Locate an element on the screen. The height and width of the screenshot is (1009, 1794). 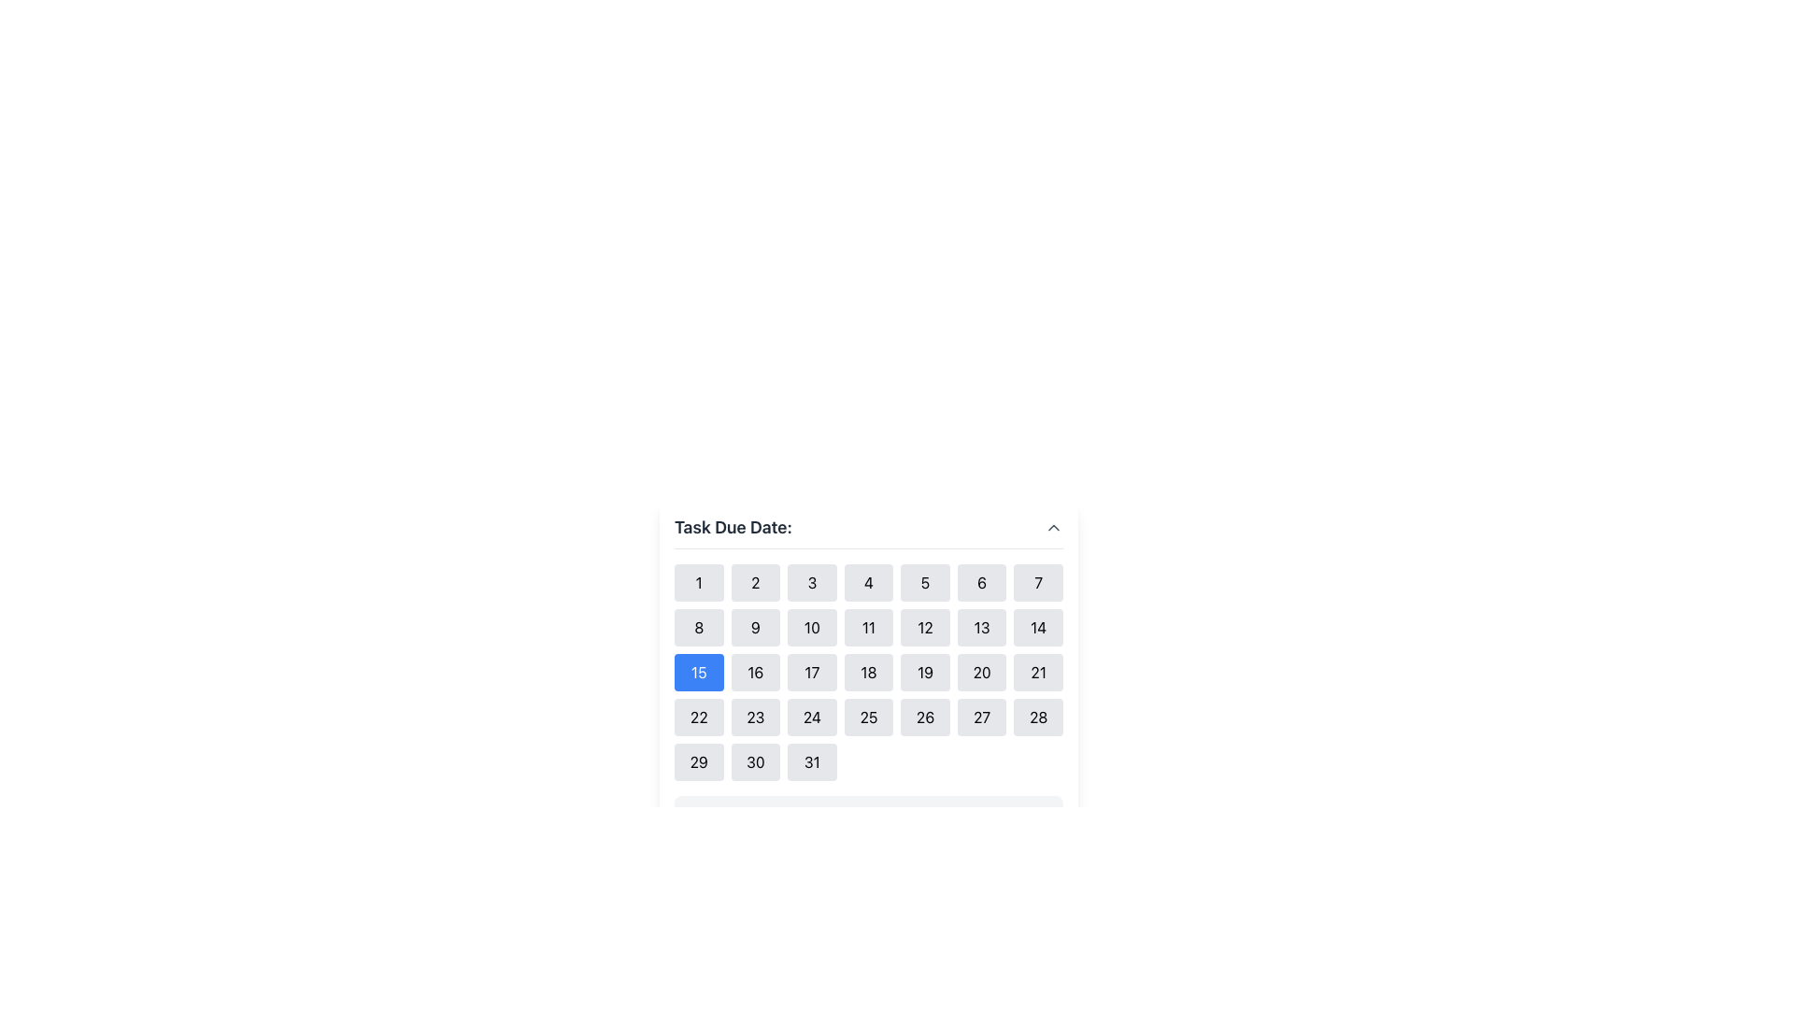
the button representing the 17th day in the calendar interface is located at coordinates (812, 673).